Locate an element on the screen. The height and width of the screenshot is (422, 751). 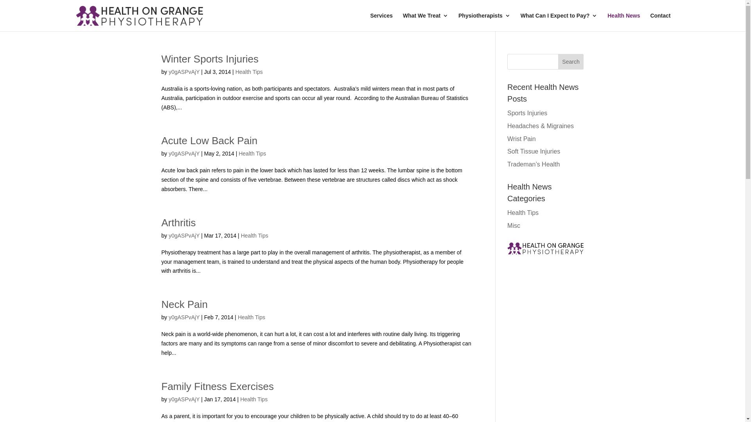
'What Can I Expect to Pay?' is located at coordinates (520, 21).